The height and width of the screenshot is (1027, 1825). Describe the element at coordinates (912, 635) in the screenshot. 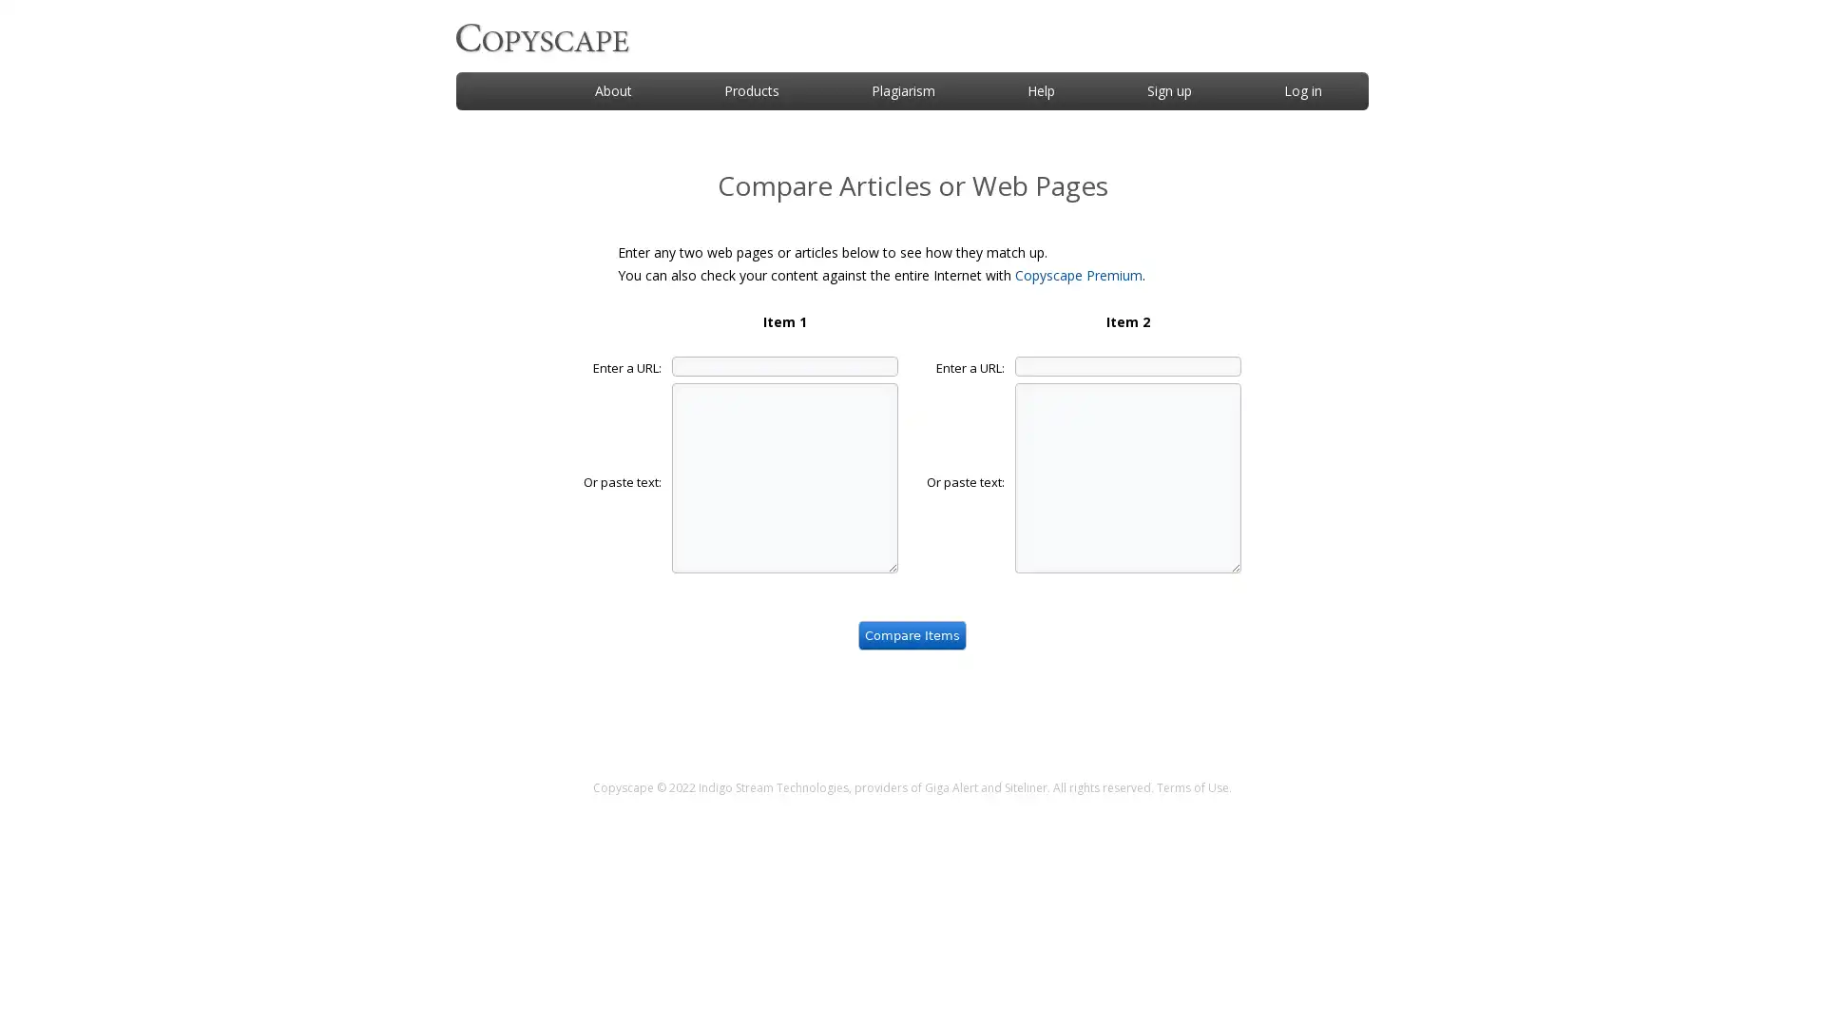

I see `Compare Items` at that location.